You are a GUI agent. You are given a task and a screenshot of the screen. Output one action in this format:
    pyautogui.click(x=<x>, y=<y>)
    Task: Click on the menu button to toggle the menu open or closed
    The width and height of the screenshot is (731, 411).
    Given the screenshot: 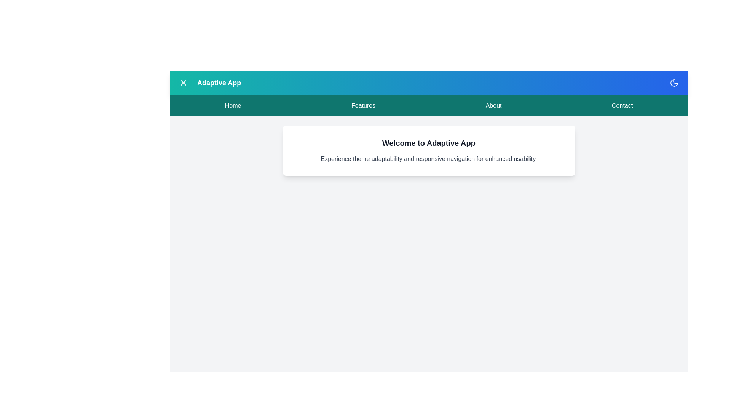 What is the action you would take?
    pyautogui.click(x=183, y=83)
    